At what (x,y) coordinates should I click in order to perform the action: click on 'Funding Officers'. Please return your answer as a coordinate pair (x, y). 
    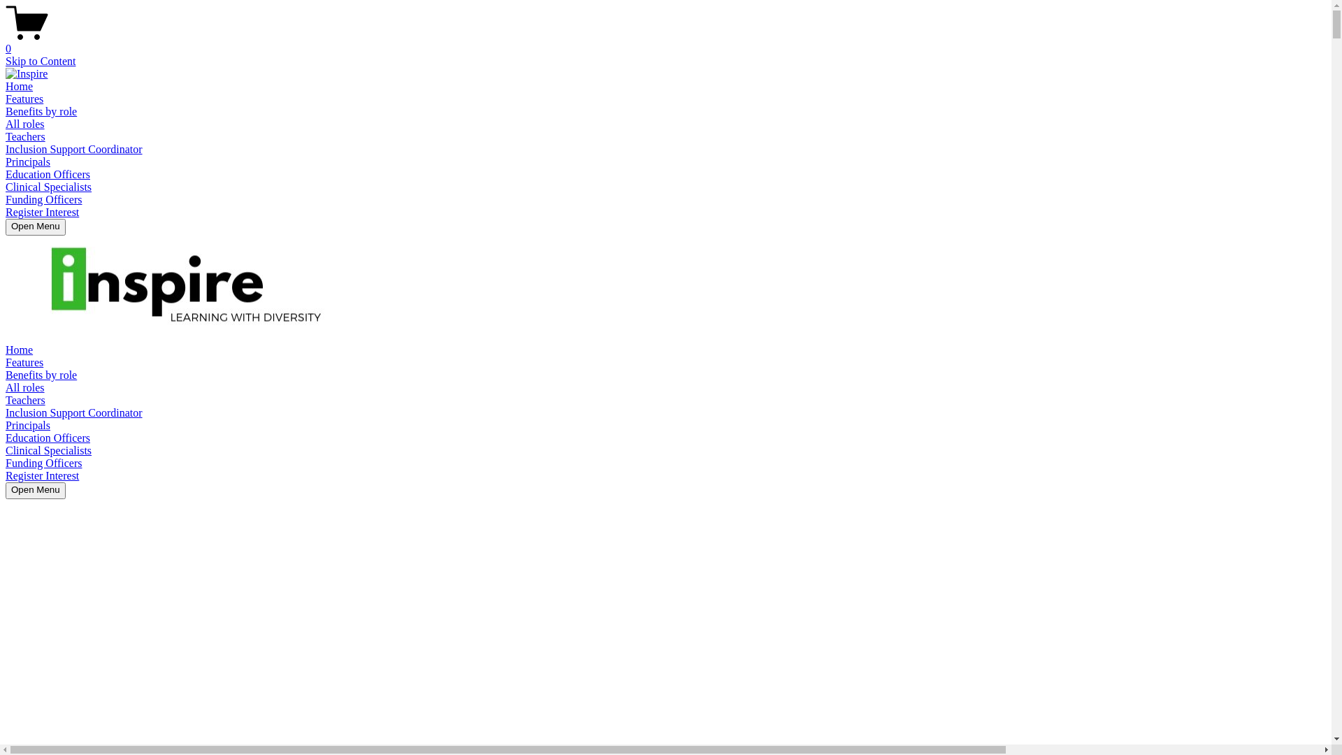
    Looking at the image, I should click on (43, 463).